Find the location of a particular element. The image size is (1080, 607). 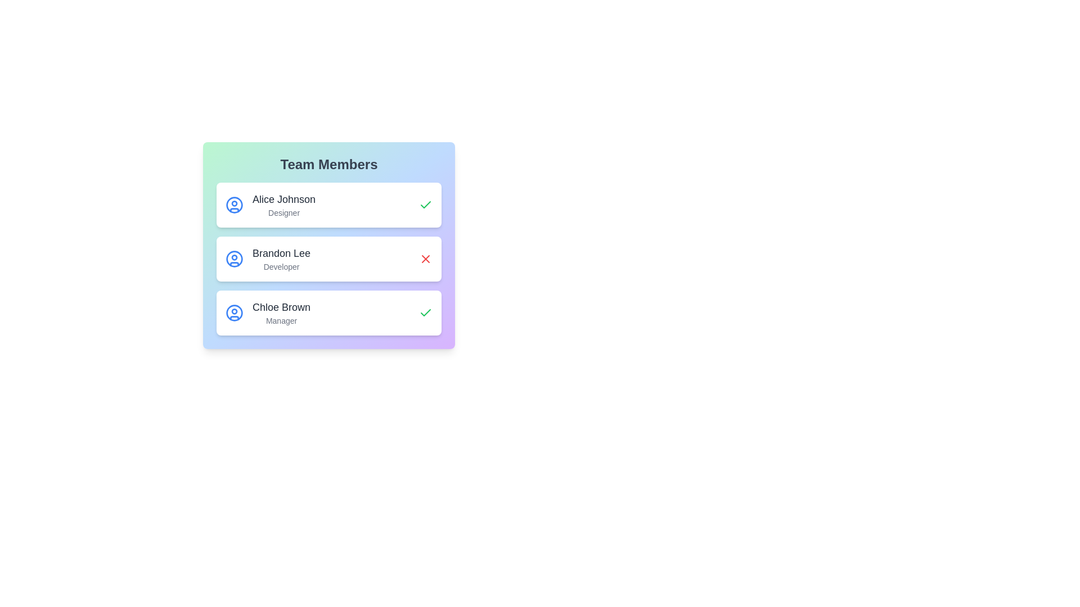

the profile item corresponding to Chloe Brown is located at coordinates (328, 312).